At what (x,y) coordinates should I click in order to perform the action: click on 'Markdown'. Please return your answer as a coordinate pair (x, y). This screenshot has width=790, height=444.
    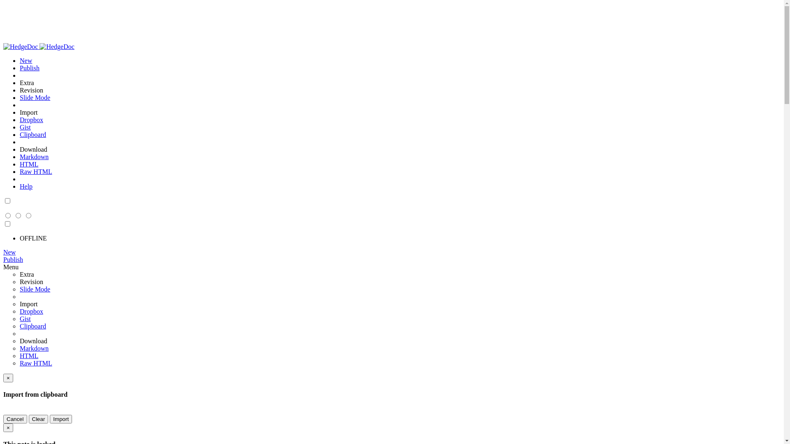
    Looking at the image, I should click on (20, 157).